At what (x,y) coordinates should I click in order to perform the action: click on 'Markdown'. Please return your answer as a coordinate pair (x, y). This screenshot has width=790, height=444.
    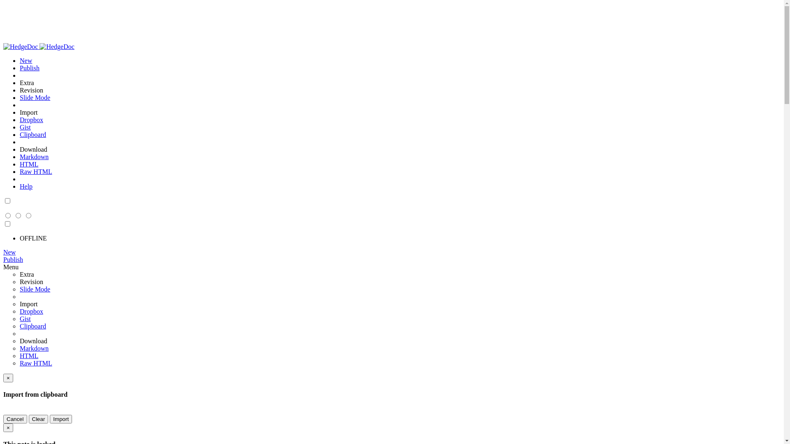
    Looking at the image, I should click on (20, 157).